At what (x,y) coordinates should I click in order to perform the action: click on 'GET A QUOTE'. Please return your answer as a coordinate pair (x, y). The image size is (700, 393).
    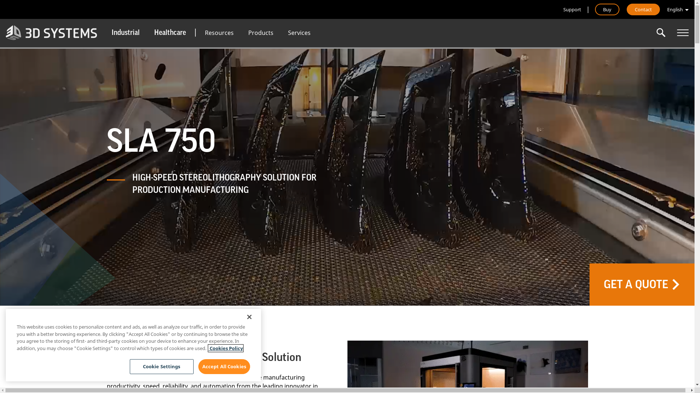
    Looking at the image, I should click on (642, 284).